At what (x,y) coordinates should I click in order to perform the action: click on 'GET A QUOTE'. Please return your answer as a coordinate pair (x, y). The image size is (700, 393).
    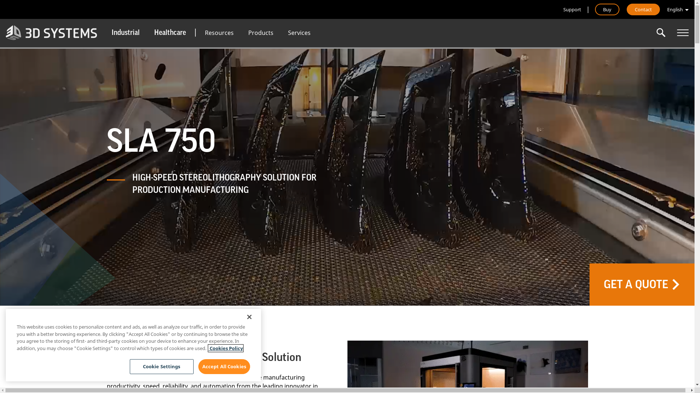
    Looking at the image, I should click on (642, 284).